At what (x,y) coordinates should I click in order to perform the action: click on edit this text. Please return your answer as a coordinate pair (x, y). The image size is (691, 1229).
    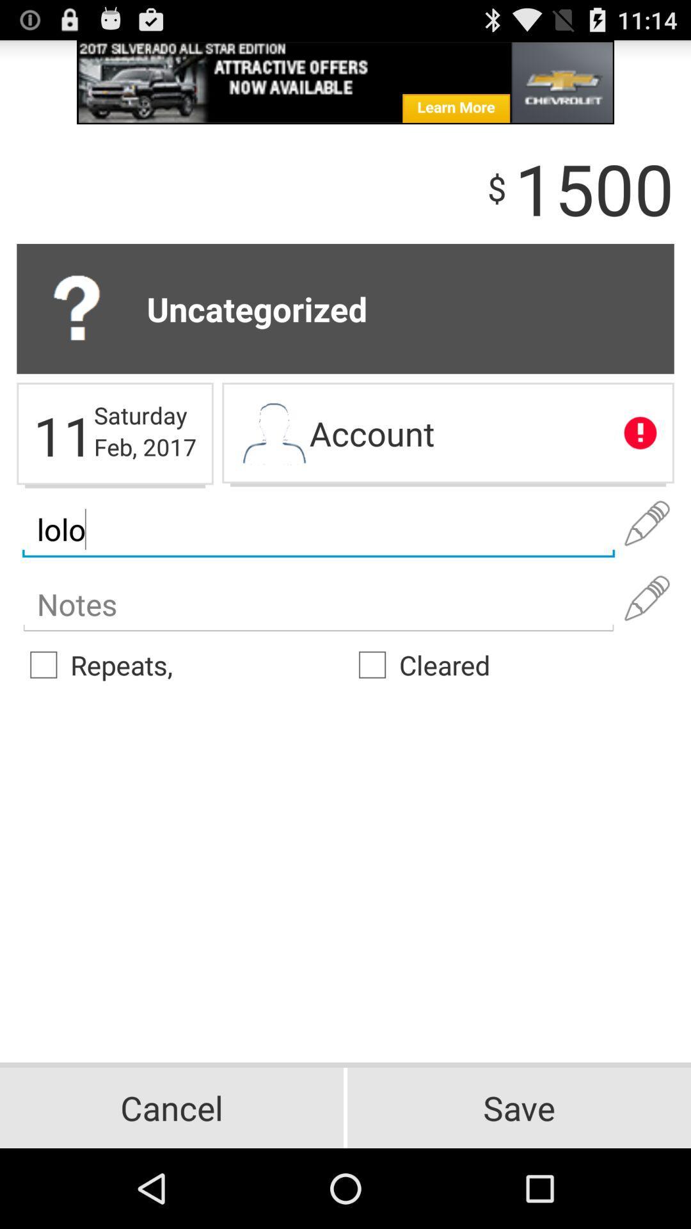
    Looking at the image, I should click on (647, 524).